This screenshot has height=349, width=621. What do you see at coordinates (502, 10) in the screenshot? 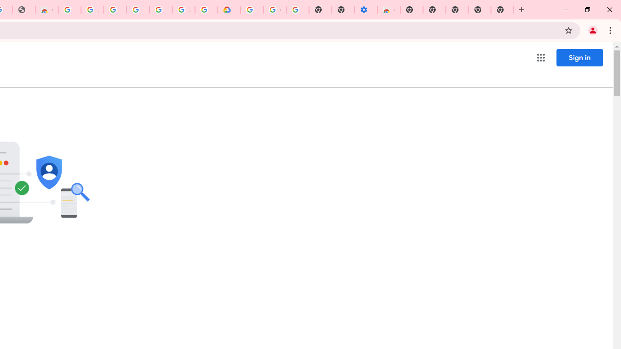
I see `'New Tab'` at bounding box center [502, 10].